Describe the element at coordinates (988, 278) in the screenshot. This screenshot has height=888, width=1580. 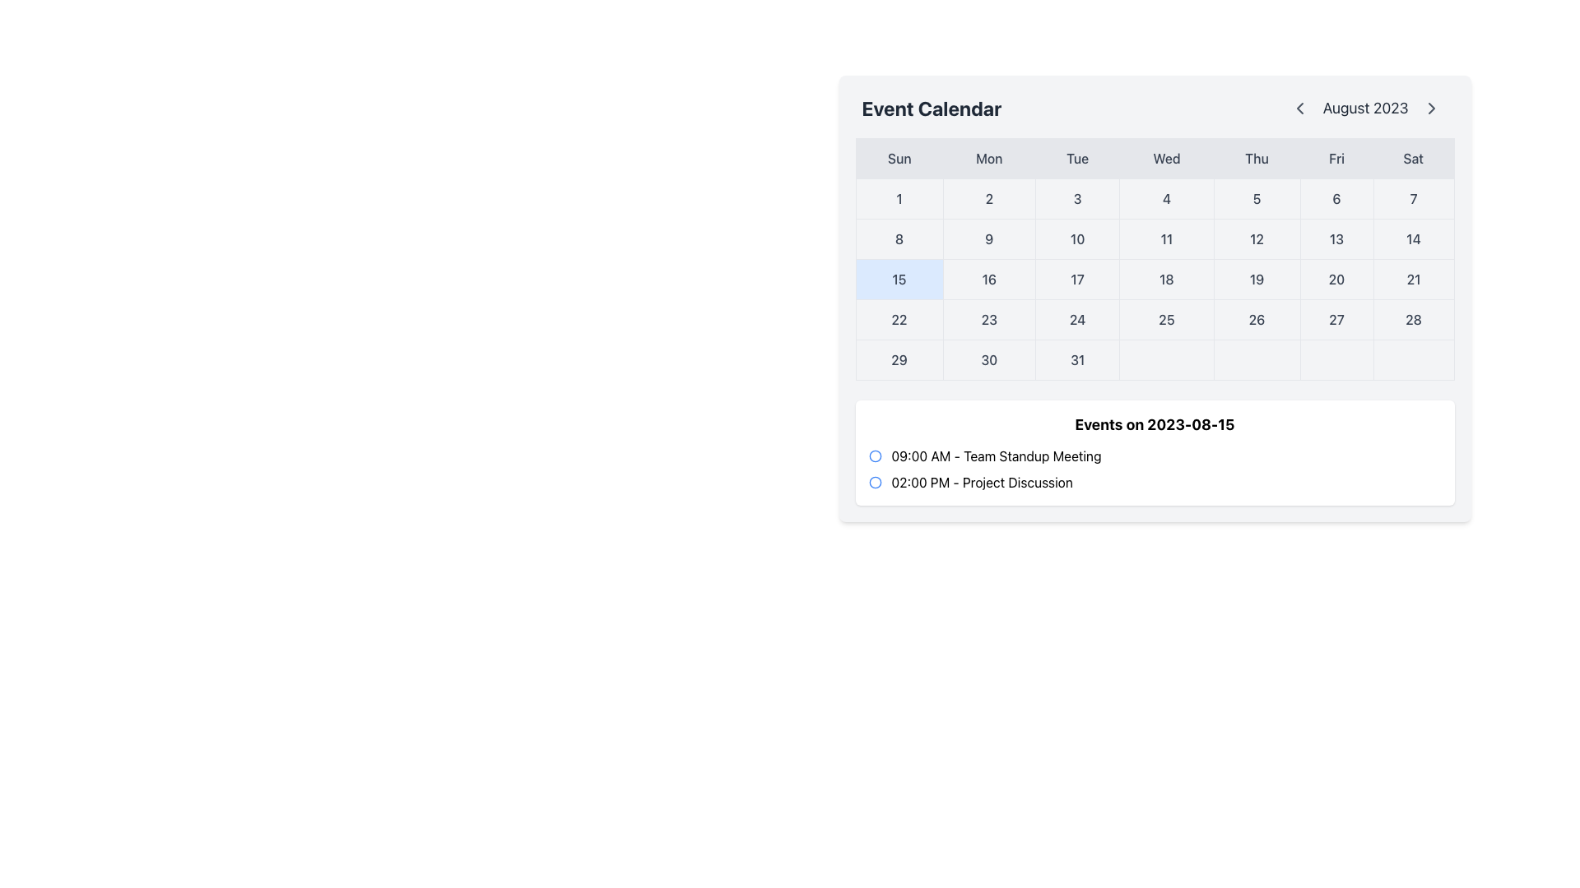
I see `the static calendar cell displaying the number '16', which is the second cell in its row following the cell labeled '15'` at that location.